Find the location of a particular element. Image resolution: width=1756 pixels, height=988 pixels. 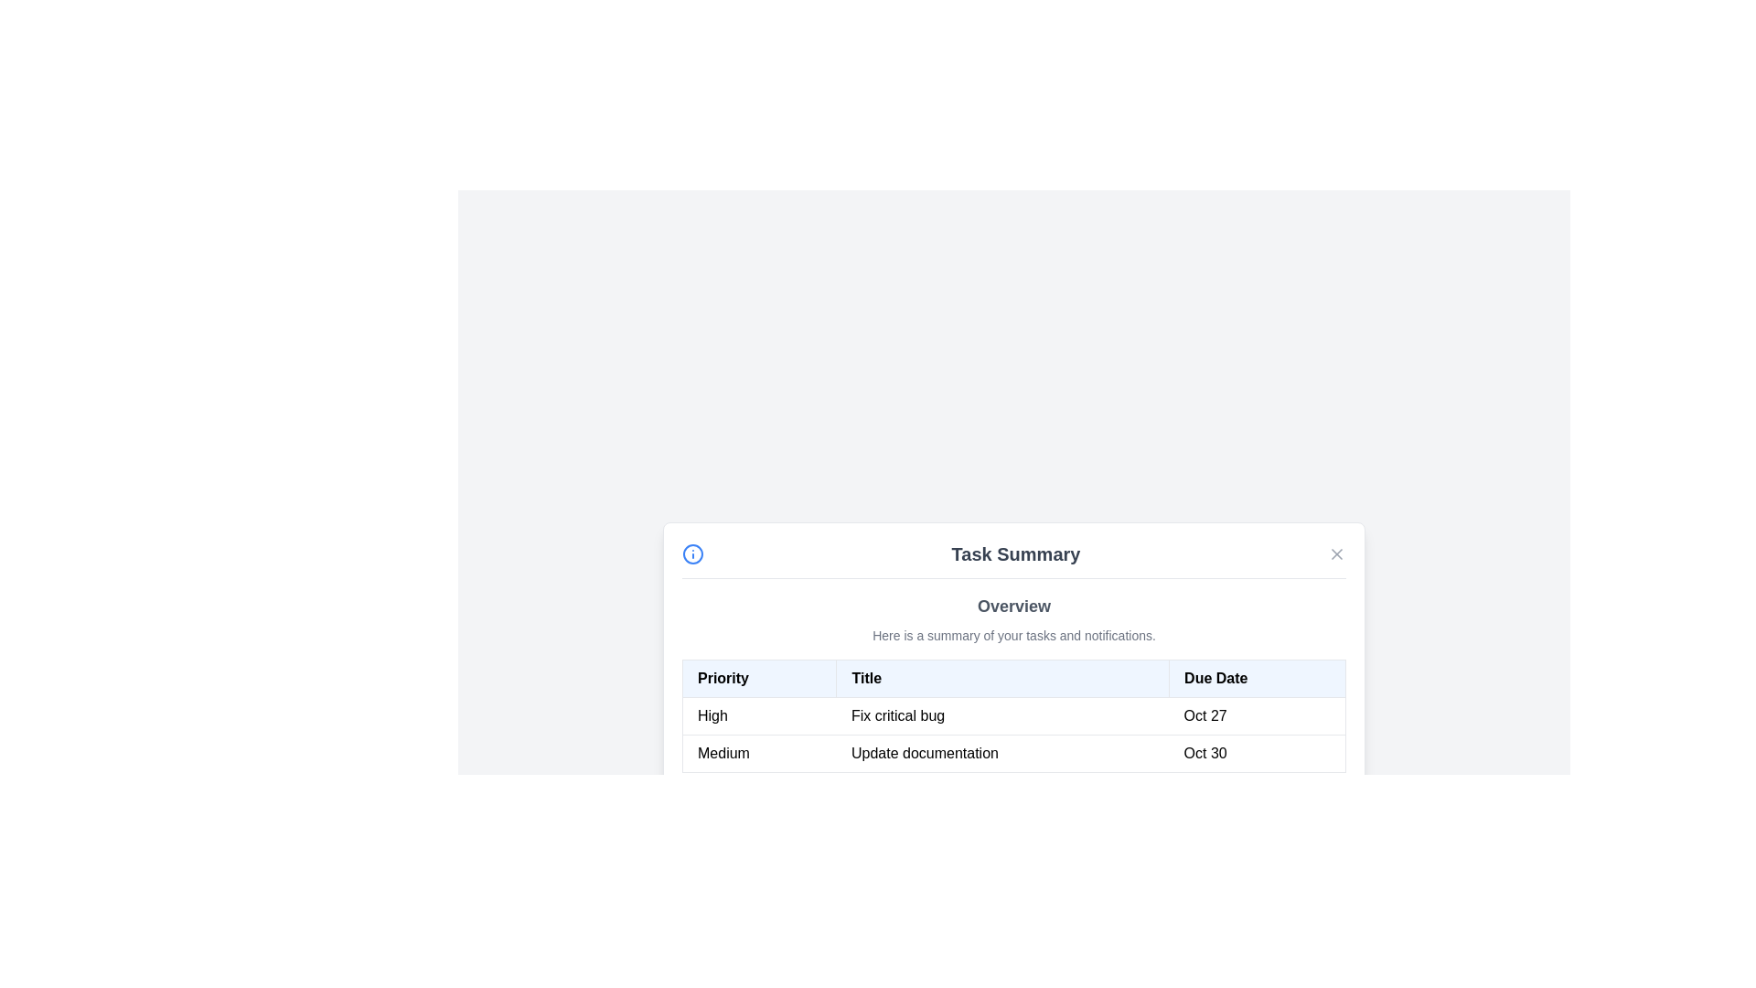

the close button located at the top-right corner of the task summary panel is located at coordinates (1337, 553).